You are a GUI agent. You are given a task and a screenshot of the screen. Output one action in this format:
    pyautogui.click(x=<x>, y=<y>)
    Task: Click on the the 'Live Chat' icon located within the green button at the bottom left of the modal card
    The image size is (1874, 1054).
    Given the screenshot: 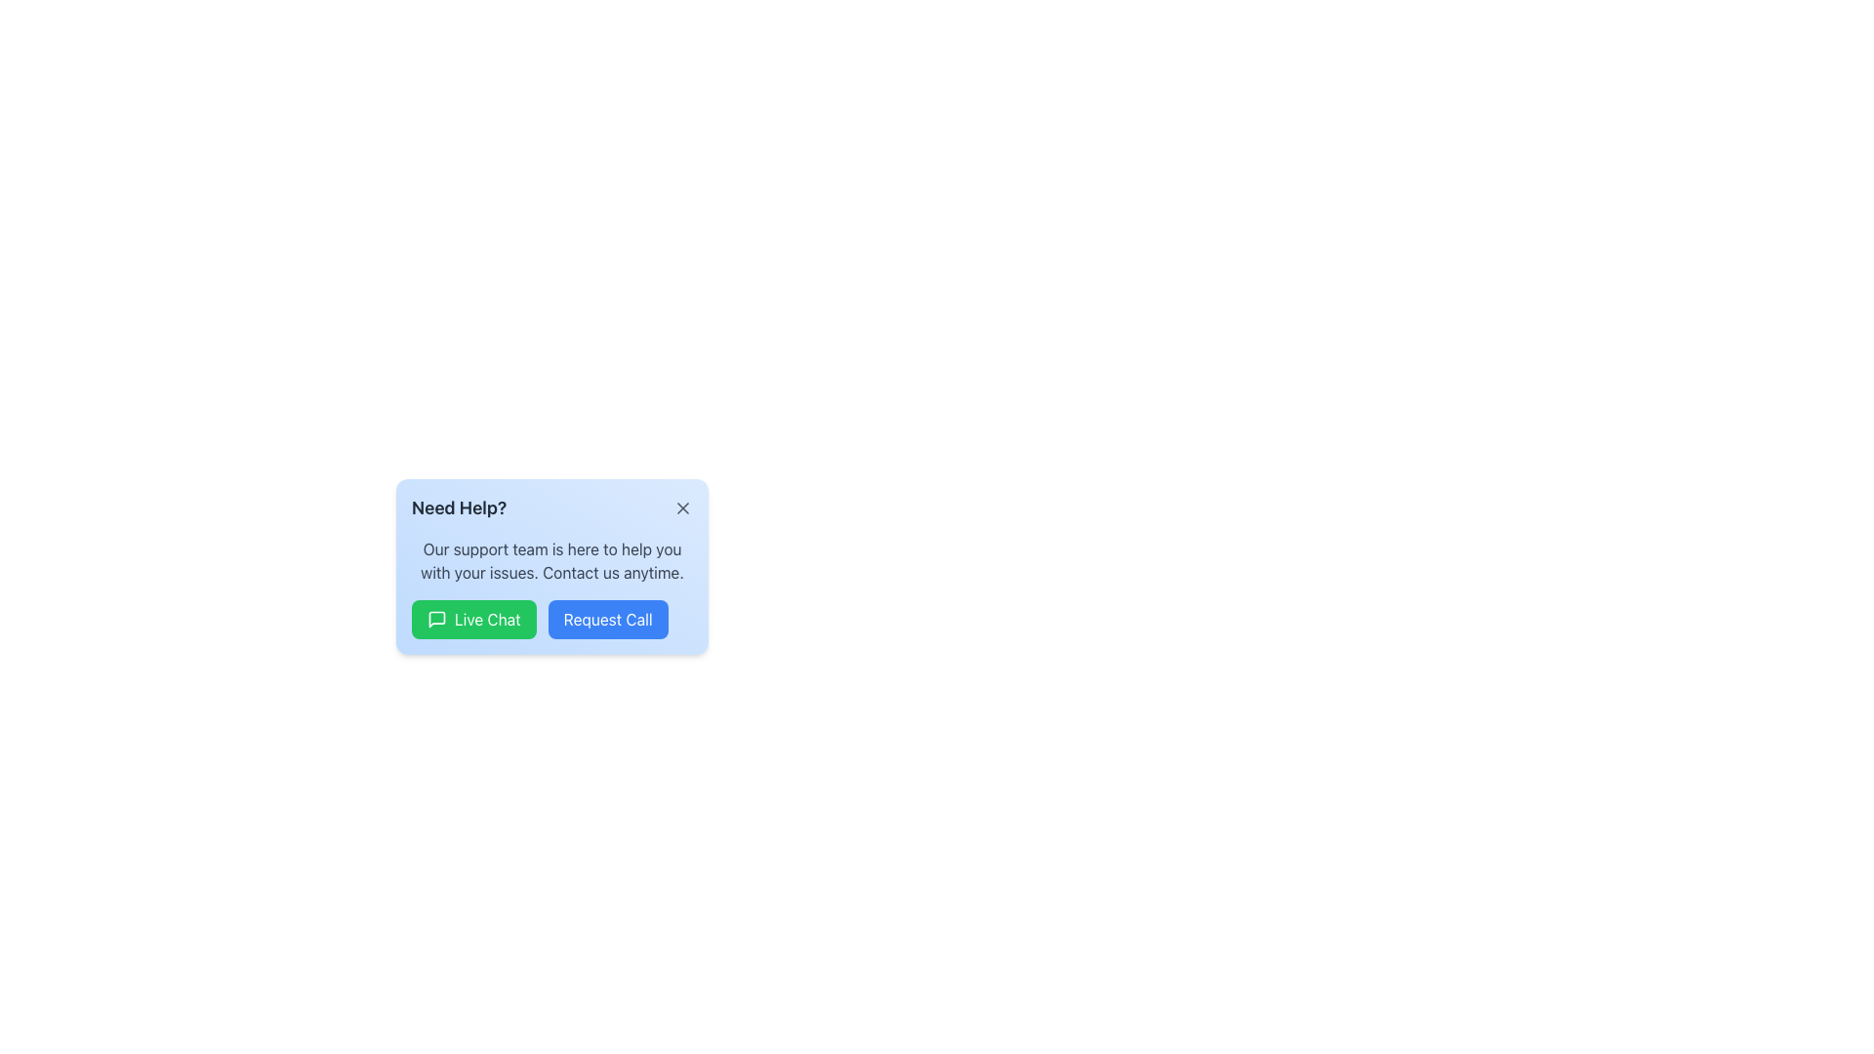 What is the action you would take?
    pyautogui.click(x=435, y=620)
    